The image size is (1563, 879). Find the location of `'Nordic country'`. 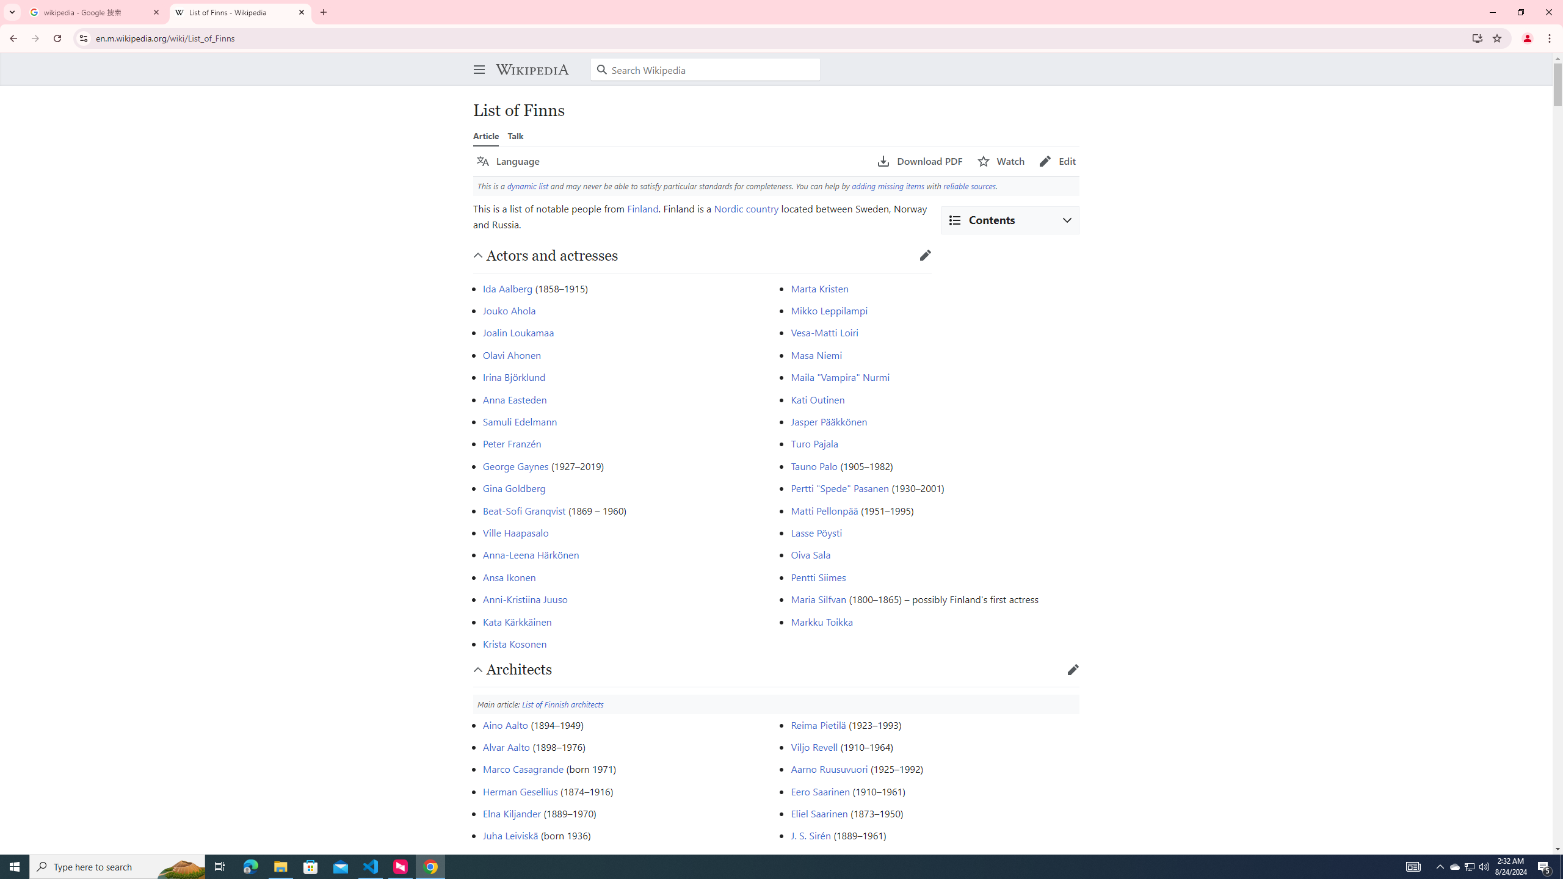

'Nordic country' is located at coordinates (746, 208).